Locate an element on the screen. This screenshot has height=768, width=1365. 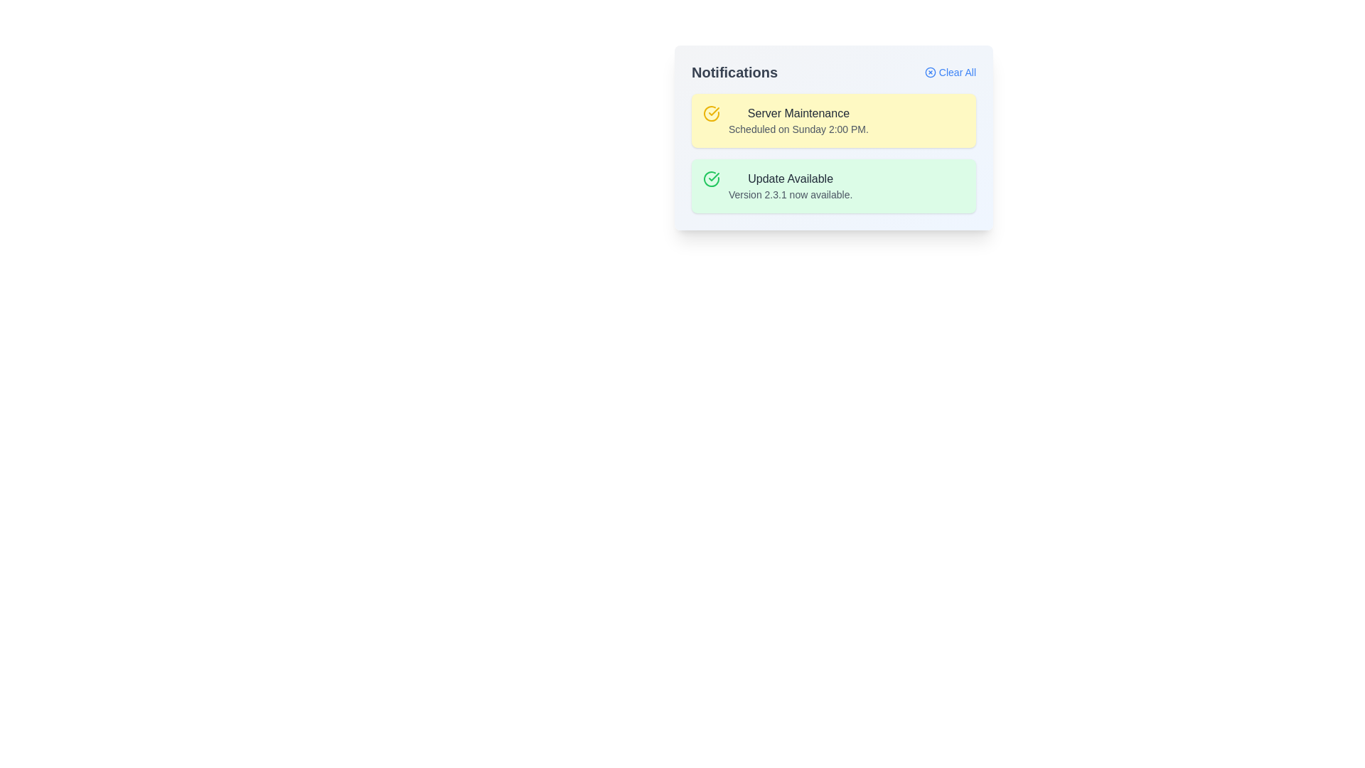
the green circular icon indicating an update availability located within the 'Update Available' notification card, which is positioned below the 'Server Maintenance' notification is located at coordinates (714, 176).